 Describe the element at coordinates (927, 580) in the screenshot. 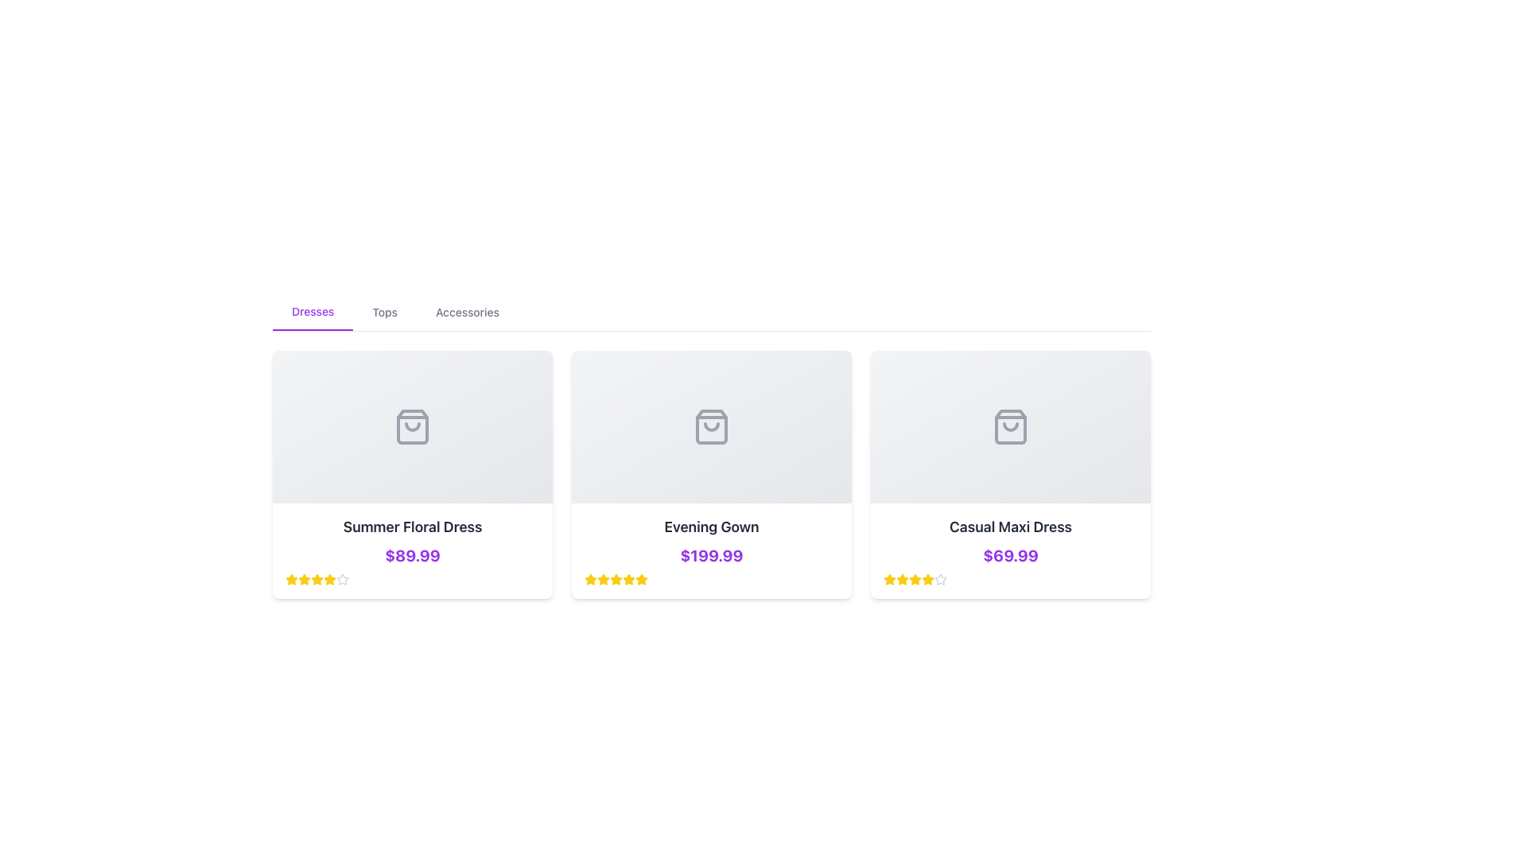

I see `the fifth rating star icon located beneath the 'Casual Maxi Dress' product card, which represents the highest rating level in the 5-star rating system` at that location.